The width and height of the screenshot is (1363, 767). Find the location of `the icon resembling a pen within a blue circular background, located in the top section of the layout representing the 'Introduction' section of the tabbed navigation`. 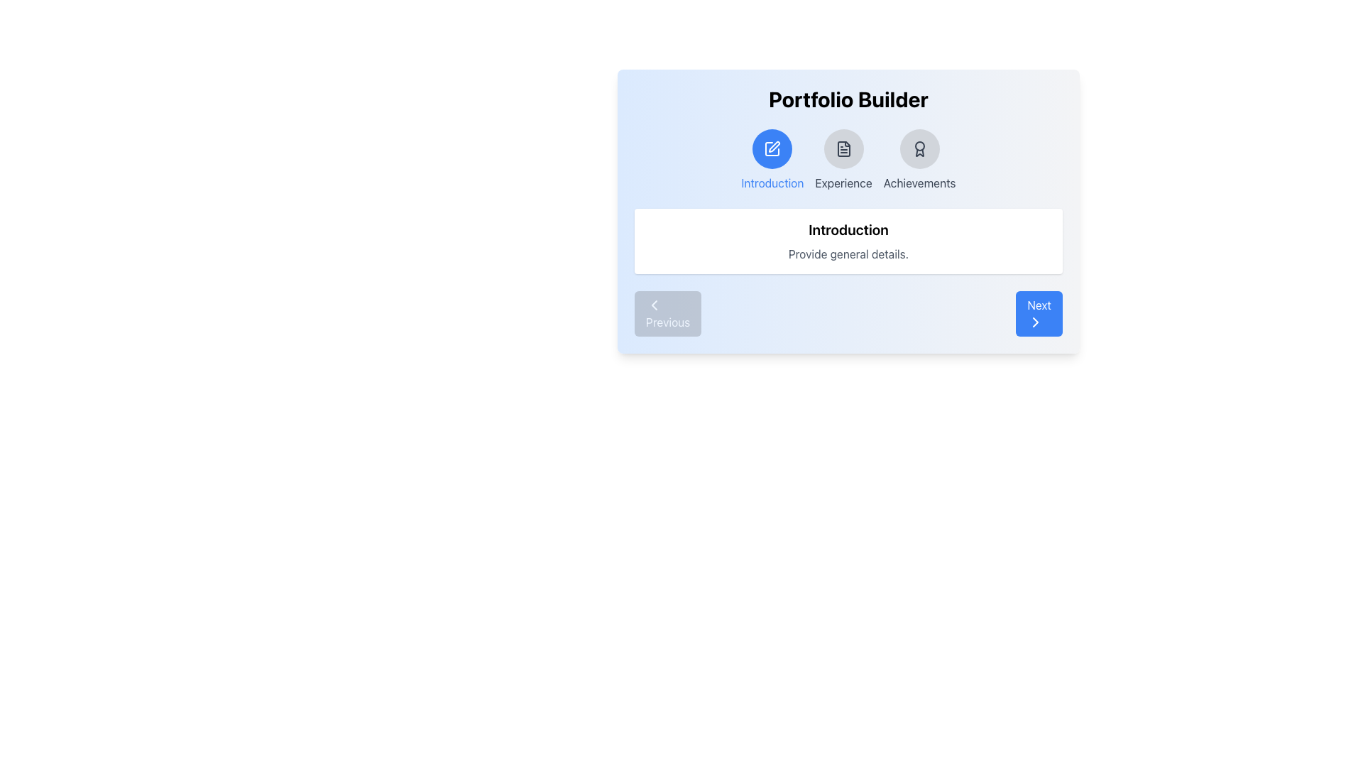

the icon resembling a pen within a blue circular background, located in the top section of the layout representing the 'Introduction' section of the tabbed navigation is located at coordinates (772, 148).